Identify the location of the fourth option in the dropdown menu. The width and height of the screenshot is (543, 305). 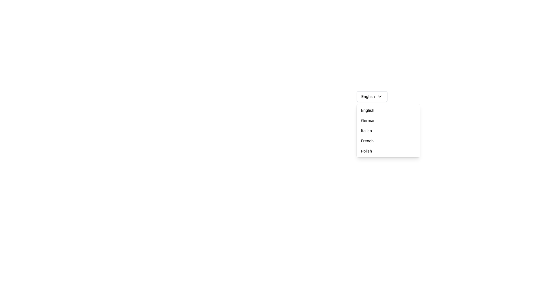
(388, 140).